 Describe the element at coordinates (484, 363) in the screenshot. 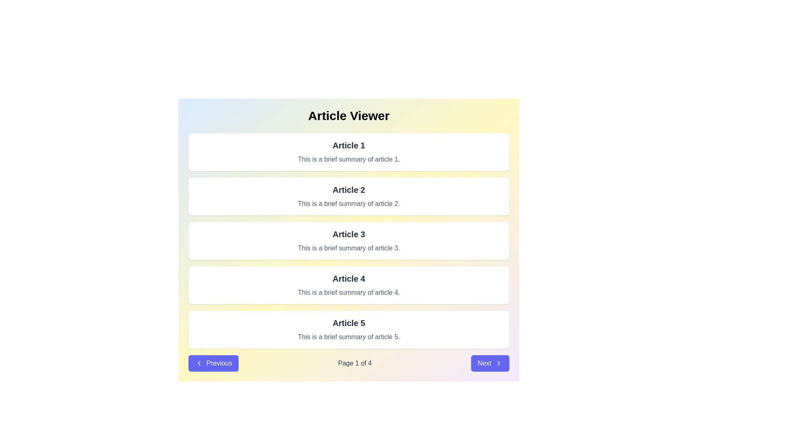

I see `text label 'Next' located at the bottom-right corner of the interface, which is part of a navigational button` at that location.